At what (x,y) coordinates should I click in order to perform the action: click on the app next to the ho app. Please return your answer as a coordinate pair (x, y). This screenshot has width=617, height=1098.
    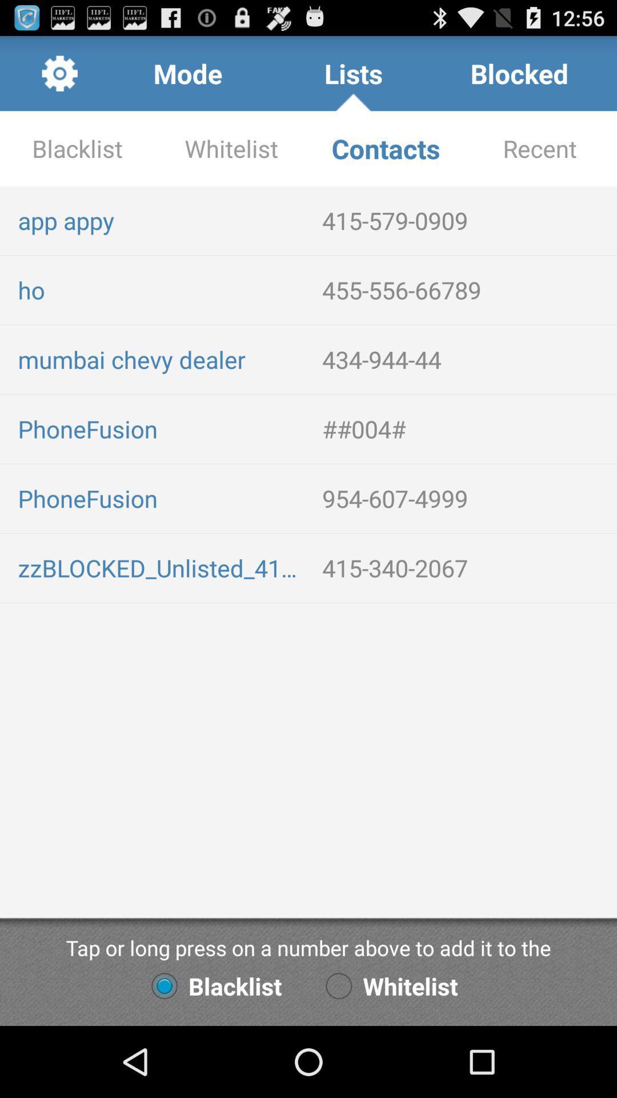
    Looking at the image, I should click on (465, 290).